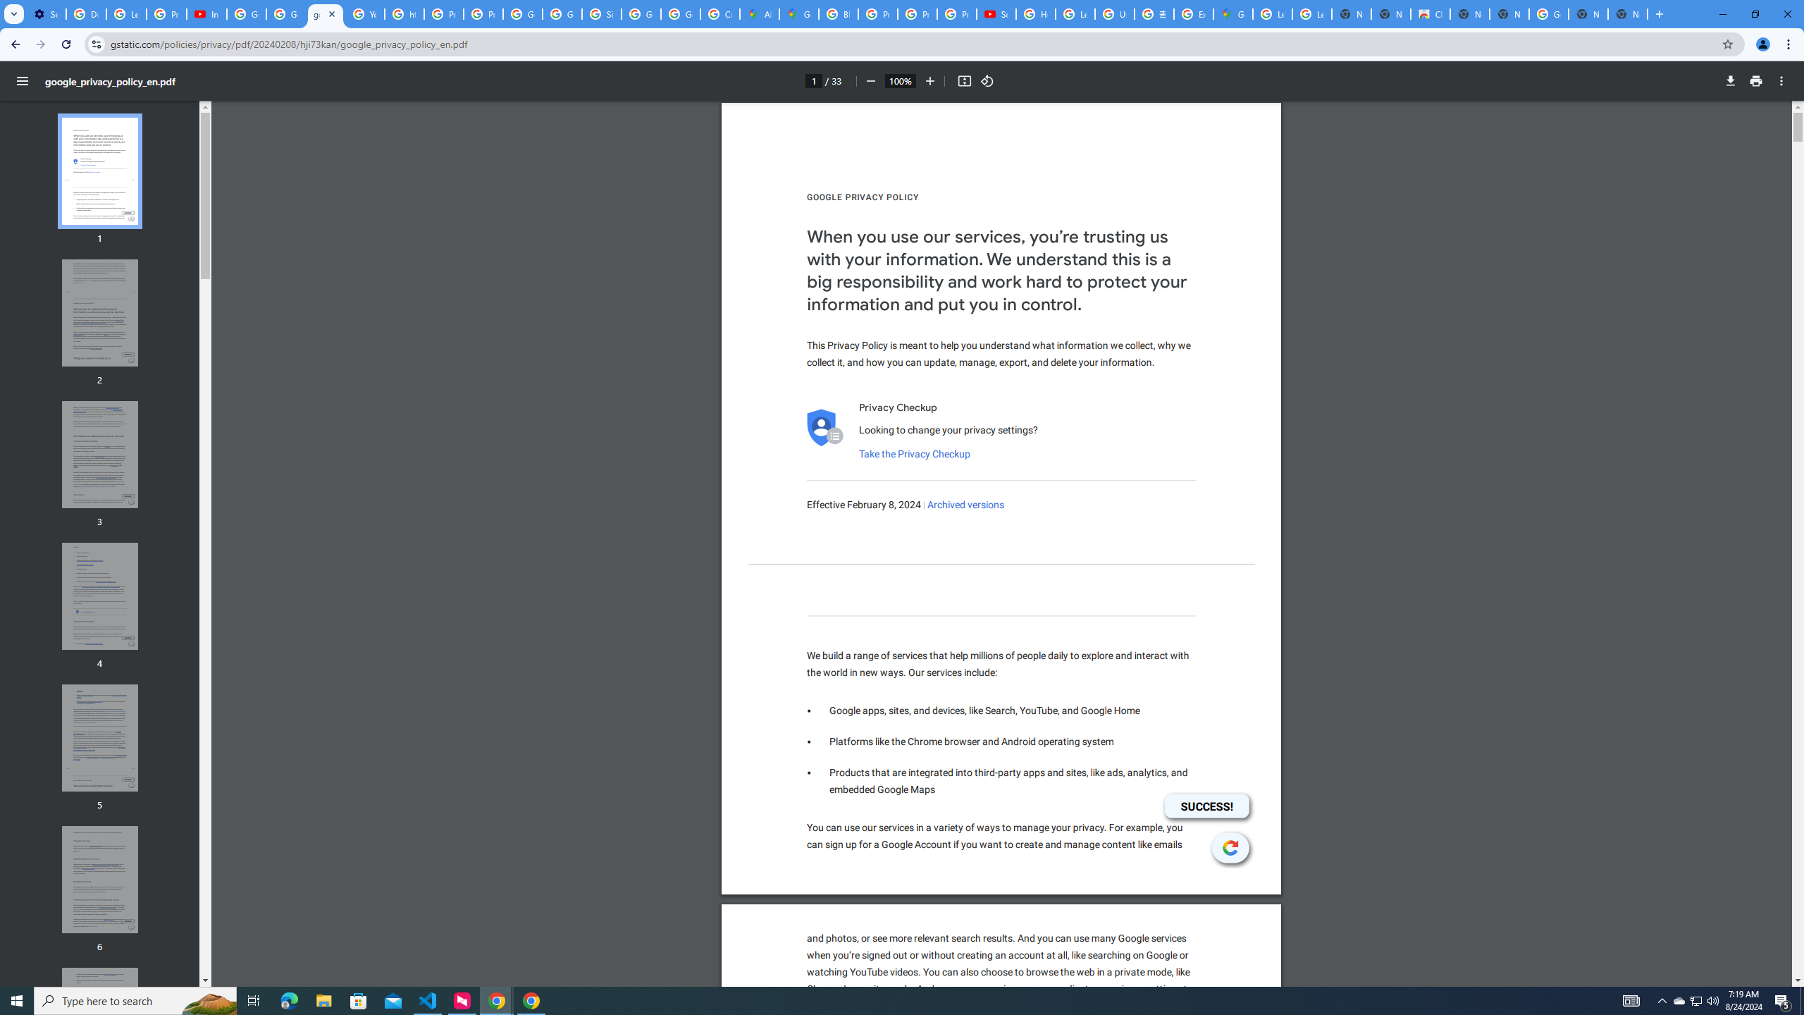  I want to click on 'Download', so click(1730, 80).